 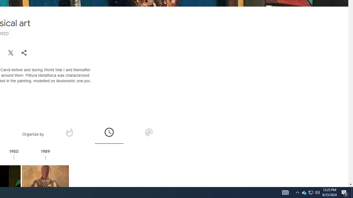 What do you see at coordinates (148, 134) in the screenshot?
I see `'Organize by color'` at bounding box center [148, 134].